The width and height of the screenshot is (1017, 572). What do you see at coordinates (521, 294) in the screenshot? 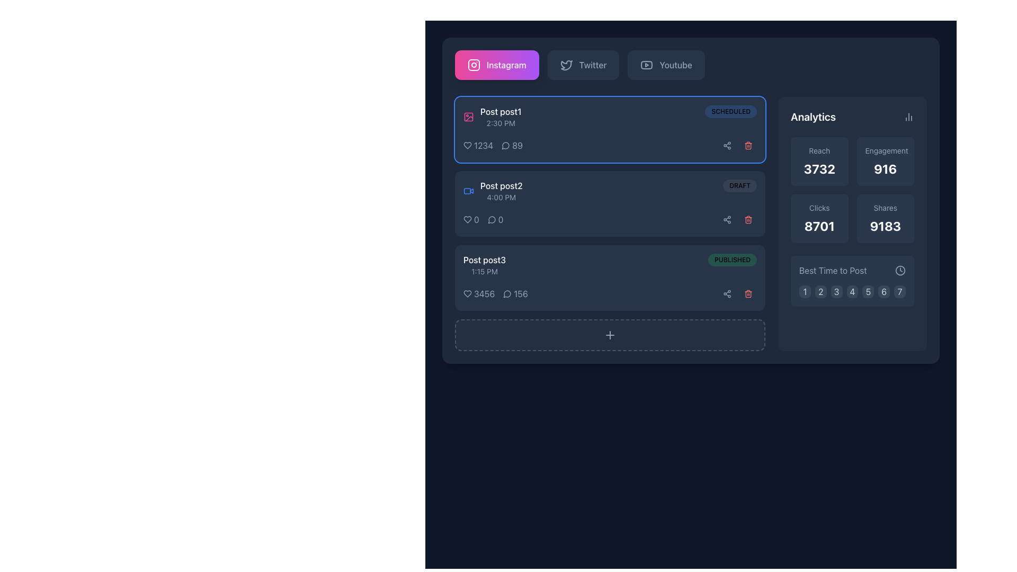
I see `the text label displaying '156', which is located next to the message circle icon in the 'Post post3' section` at bounding box center [521, 294].